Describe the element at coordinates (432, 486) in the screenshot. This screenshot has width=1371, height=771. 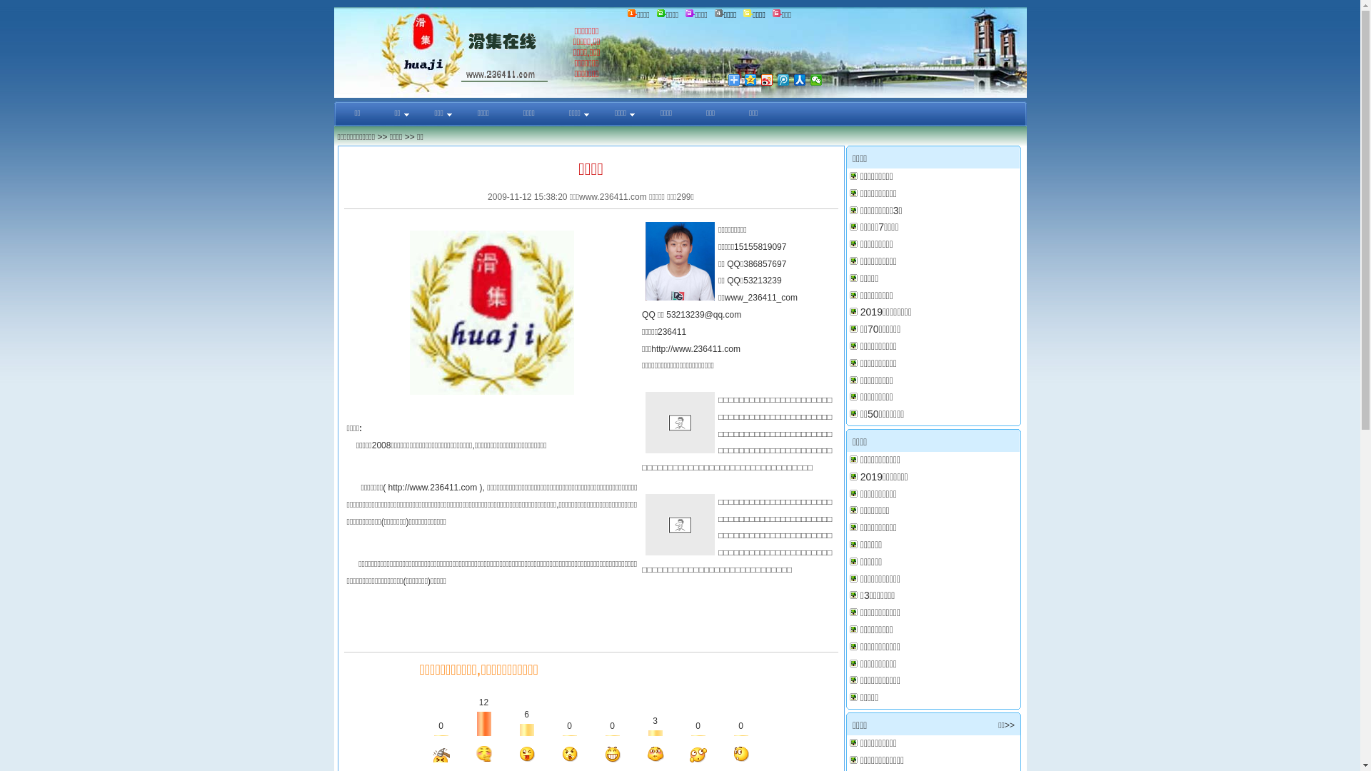
I see `'http://www.236411.com'` at that location.